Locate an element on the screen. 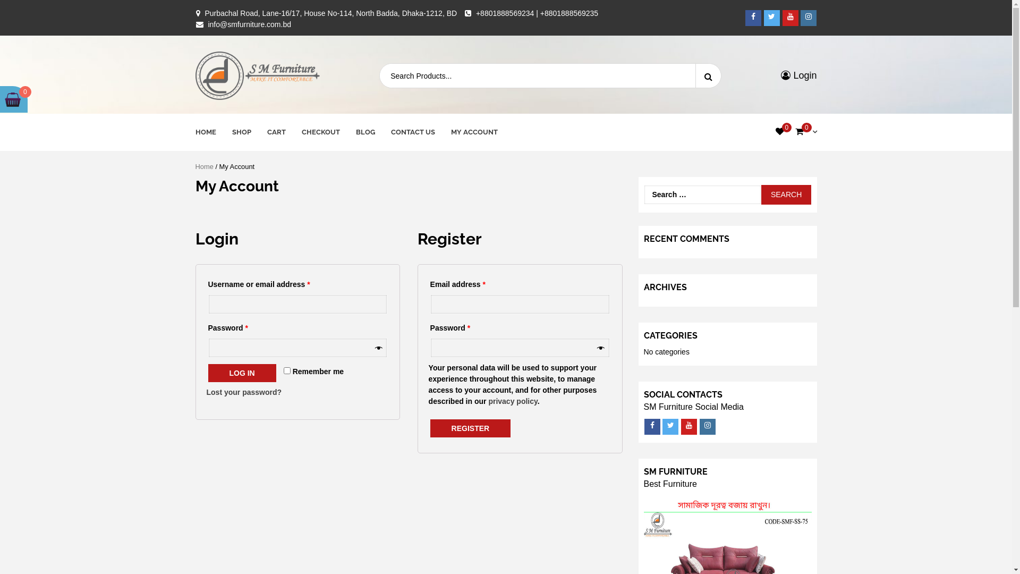 The width and height of the screenshot is (1020, 574). 'Youtube' is located at coordinates (790, 18).